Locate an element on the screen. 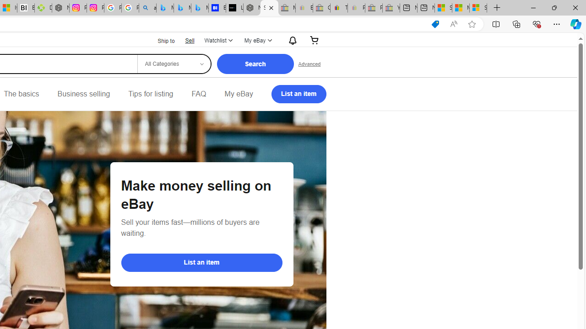 The image size is (586, 329). 'The basics' is located at coordinates (21, 94).